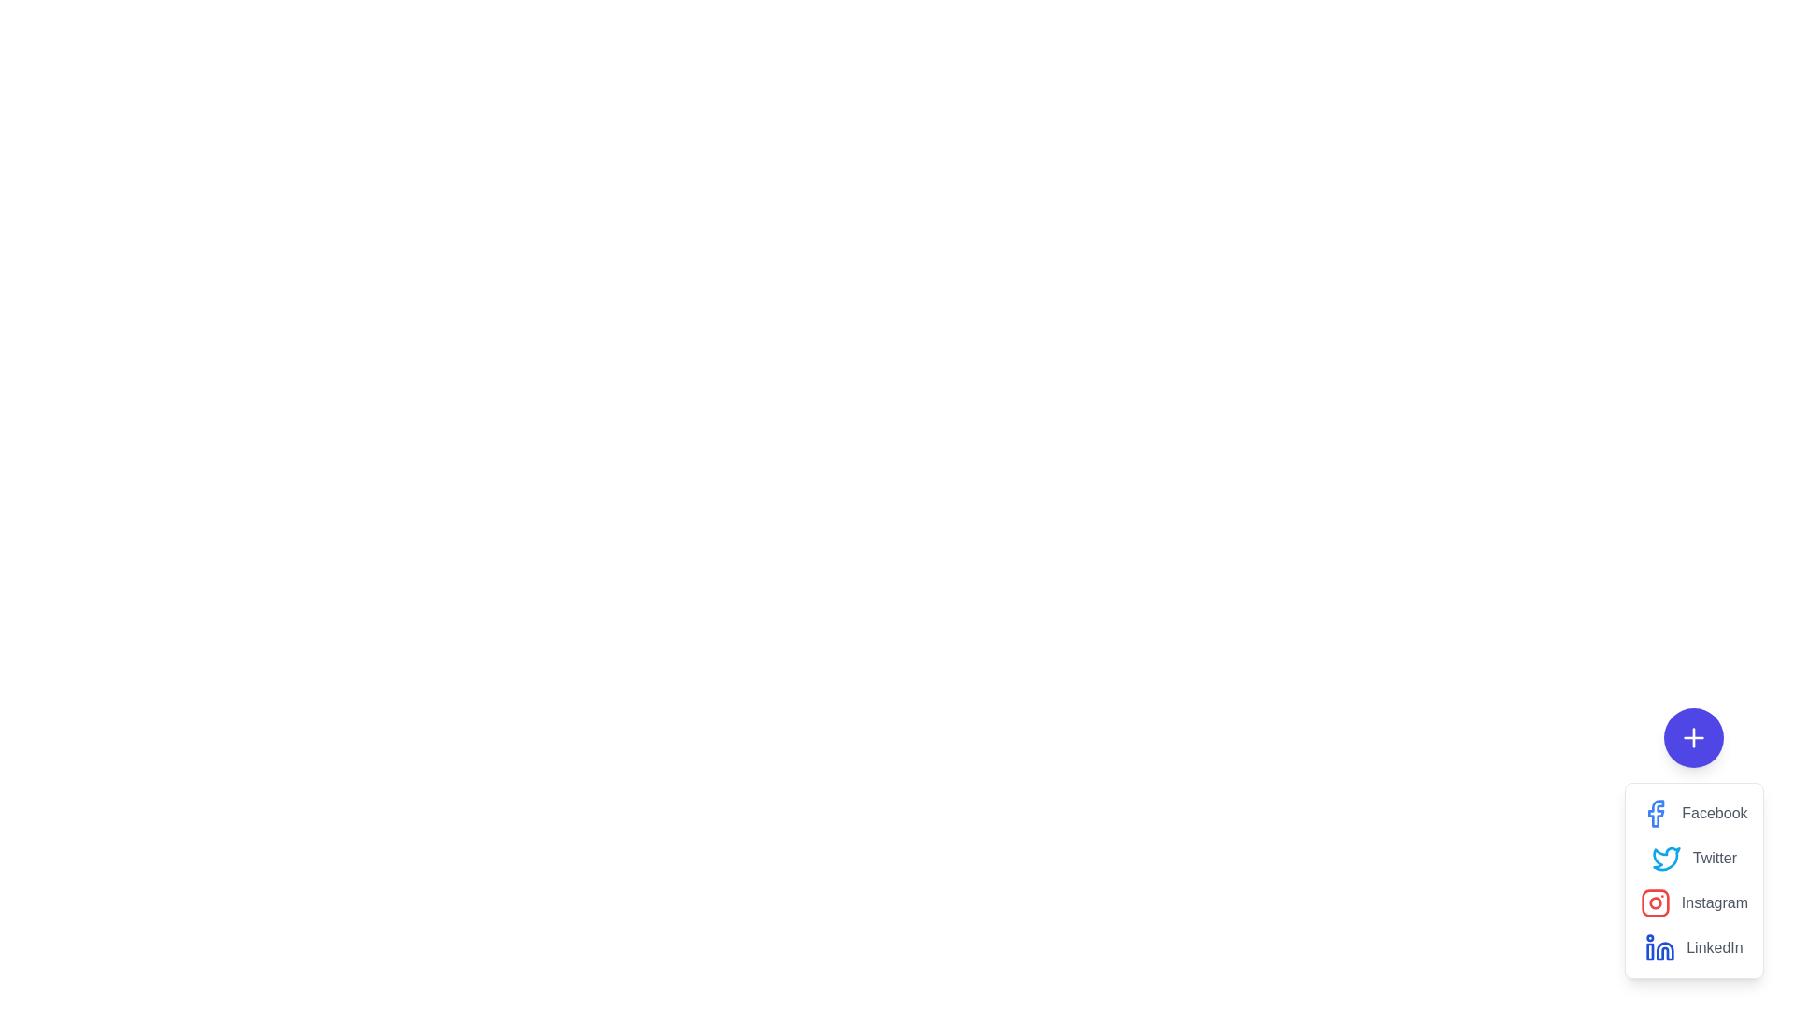  What do you see at coordinates (1694, 947) in the screenshot?
I see `the LinkedIn share option in the SocialShareSpeedDial component` at bounding box center [1694, 947].